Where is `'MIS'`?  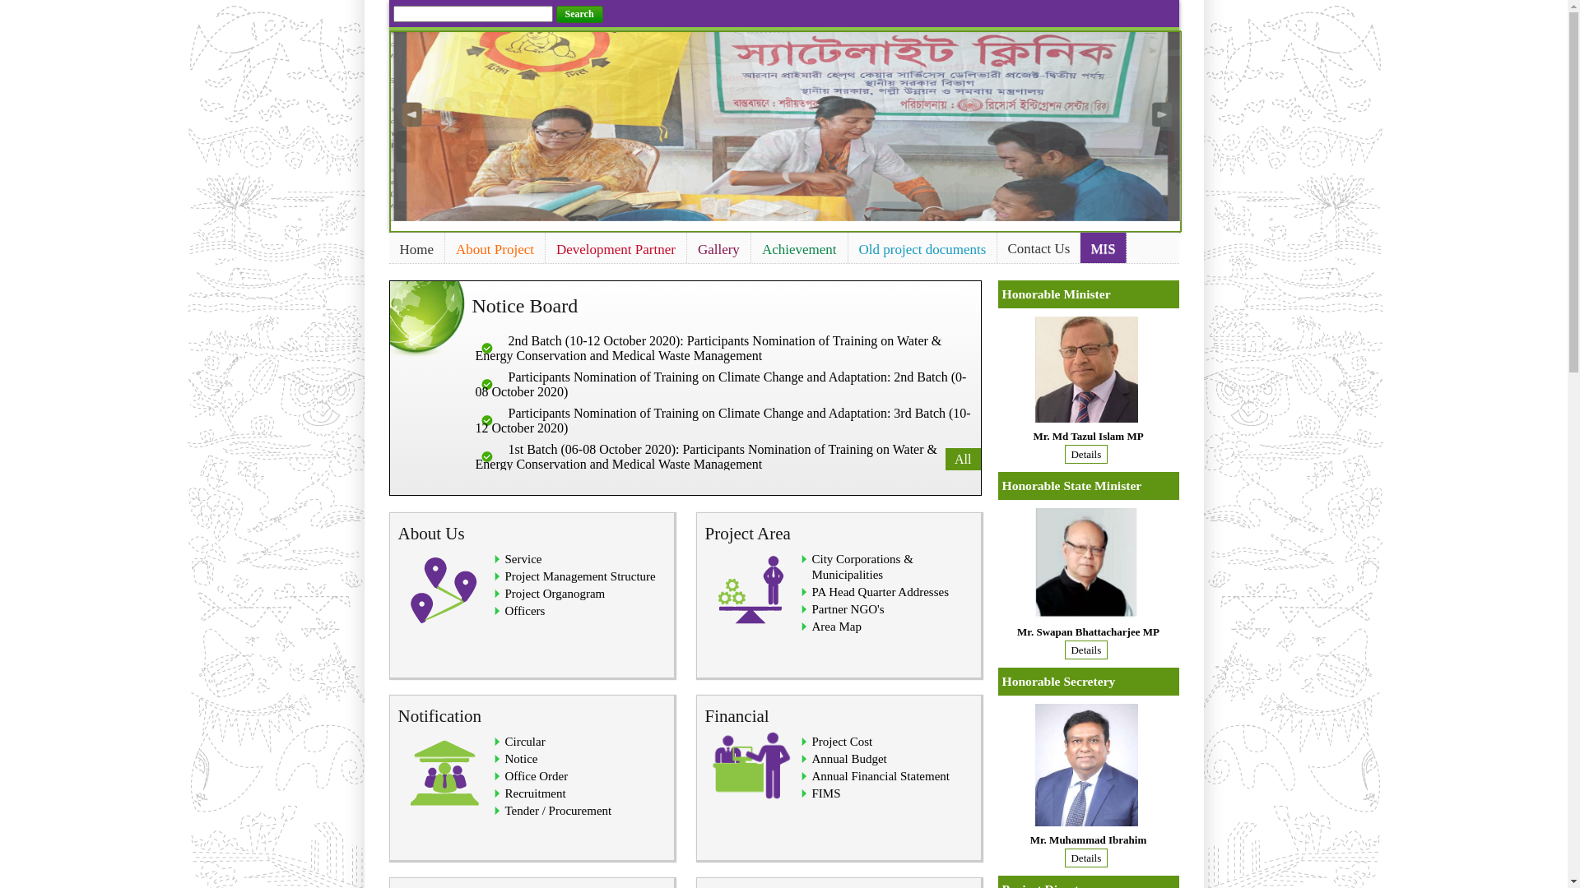
'MIS' is located at coordinates (1080, 249).